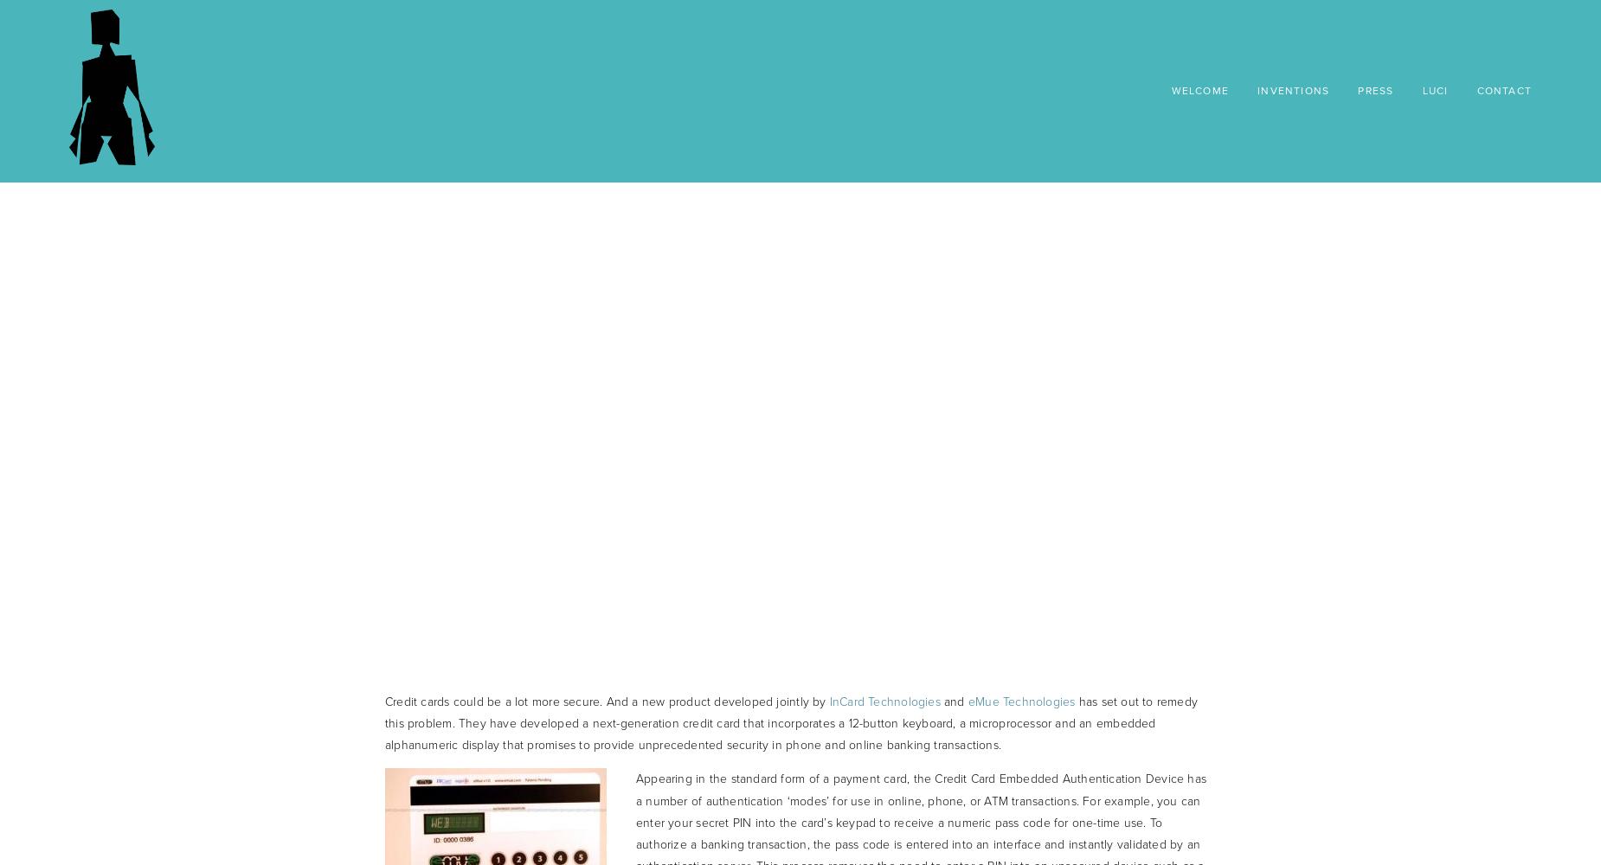 The height and width of the screenshot is (865, 1601). I want to click on 'LUCI', so click(1421, 90).